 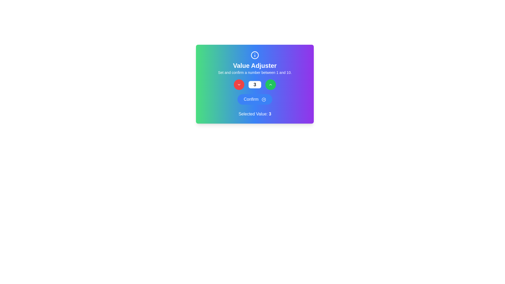 What do you see at coordinates (239, 84) in the screenshot?
I see `the leftmost red circular button with a chevron icon, which is used to decrease a value or select a previous option from a list` at bounding box center [239, 84].